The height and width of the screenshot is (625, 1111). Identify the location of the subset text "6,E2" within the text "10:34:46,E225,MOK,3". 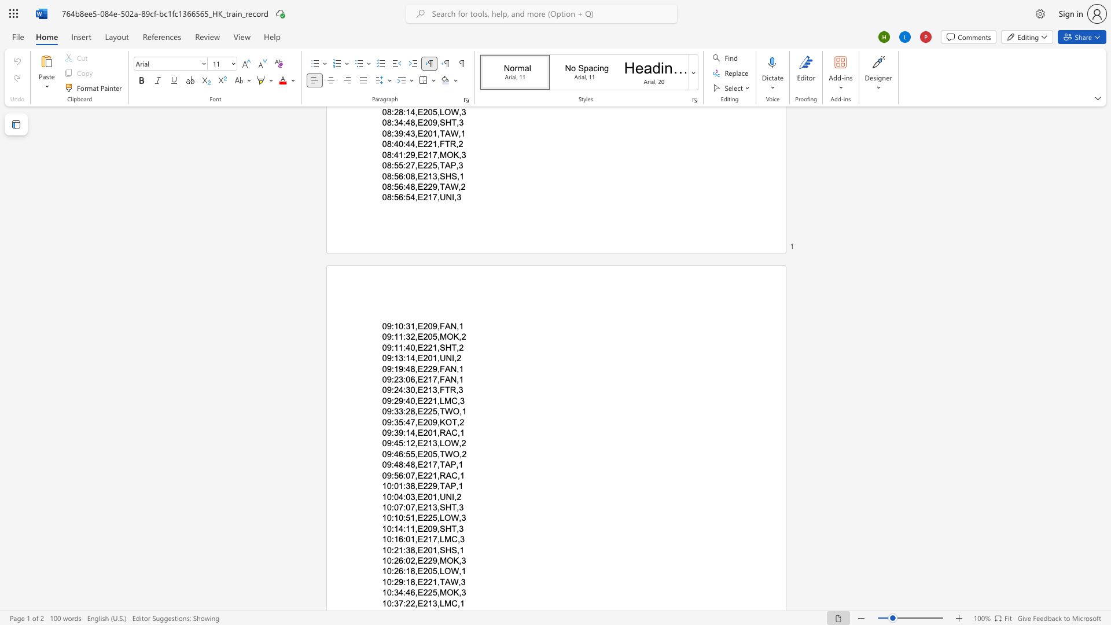
(410, 593).